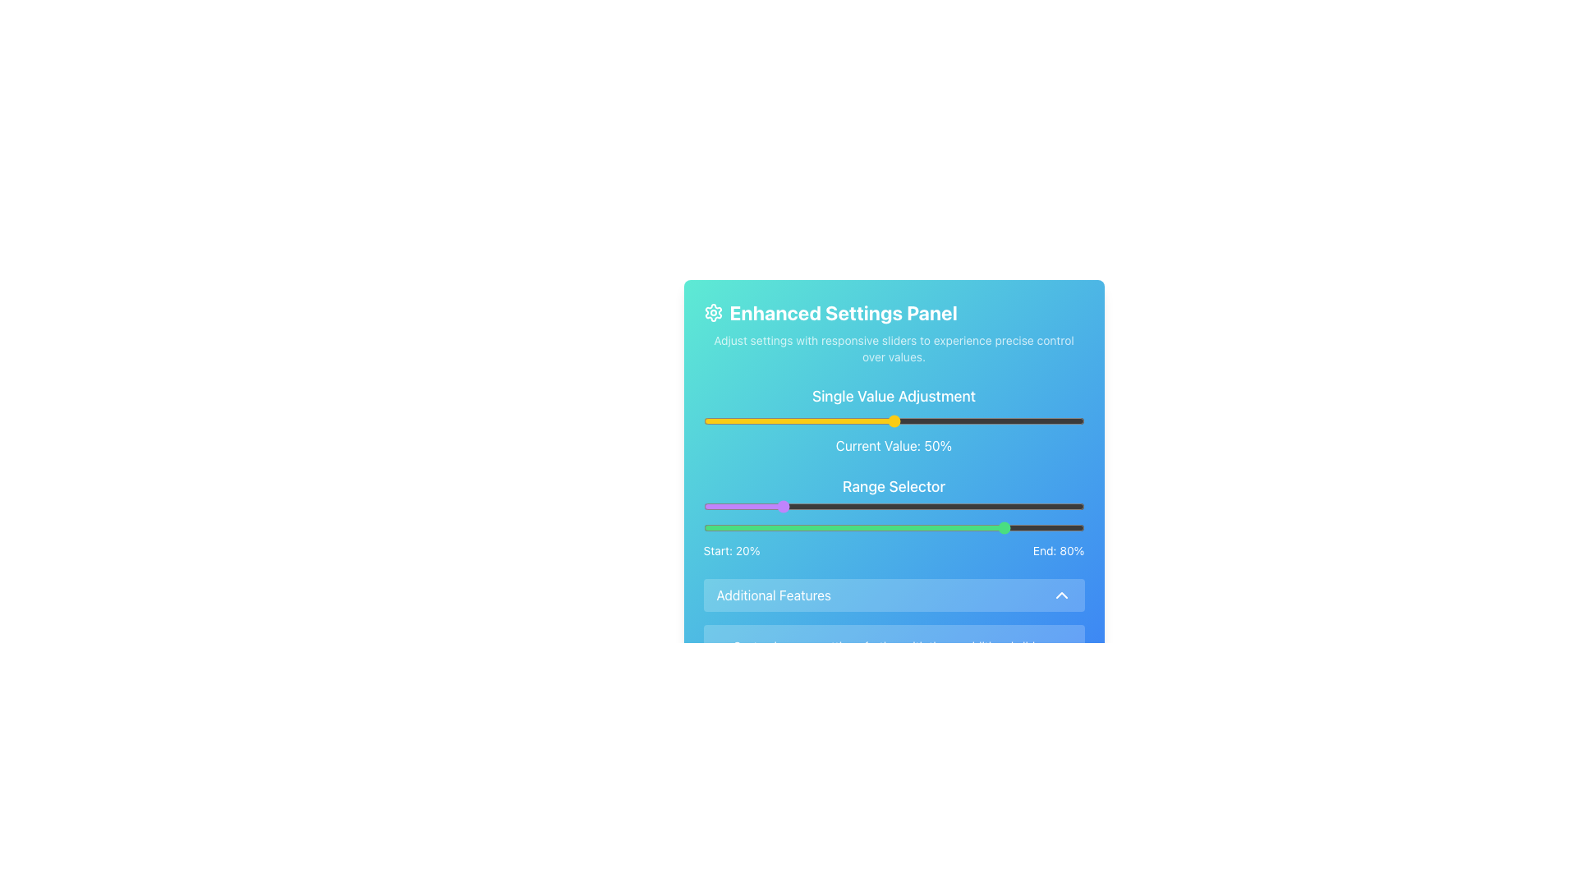 This screenshot has width=1577, height=887. What do you see at coordinates (782, 421) in the screenshot?
I see `the slider` at bounding box center [782, 421].